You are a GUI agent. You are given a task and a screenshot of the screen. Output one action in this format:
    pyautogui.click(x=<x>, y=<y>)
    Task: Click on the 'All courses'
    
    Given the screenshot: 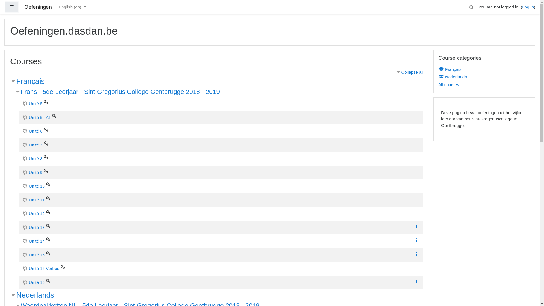 What is the action you would take?
    pyautogui.click(x=448, y=84)
    